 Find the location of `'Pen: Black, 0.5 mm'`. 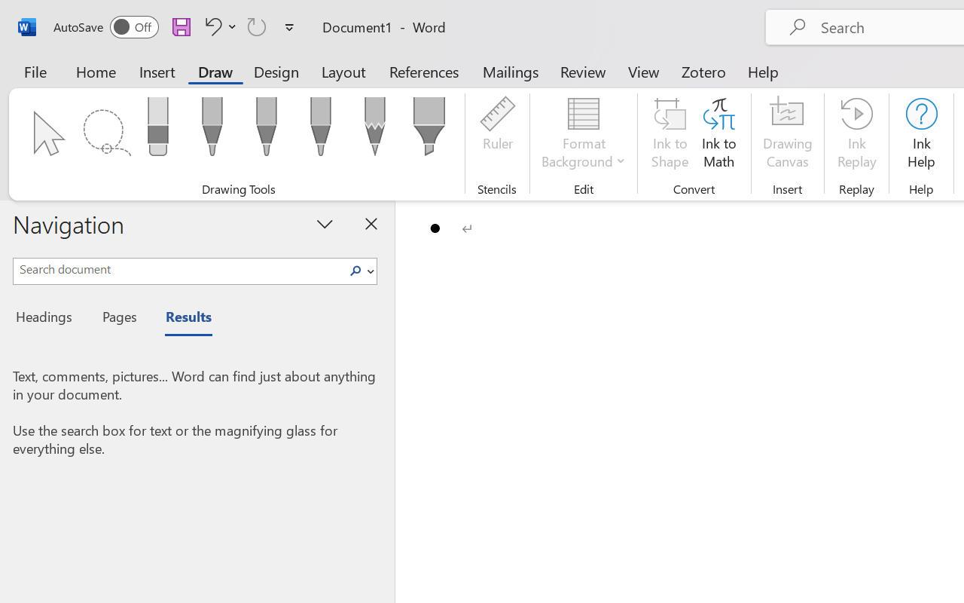

'Pen: Black, 0.5 mm' is located at coordinates (211, 130).